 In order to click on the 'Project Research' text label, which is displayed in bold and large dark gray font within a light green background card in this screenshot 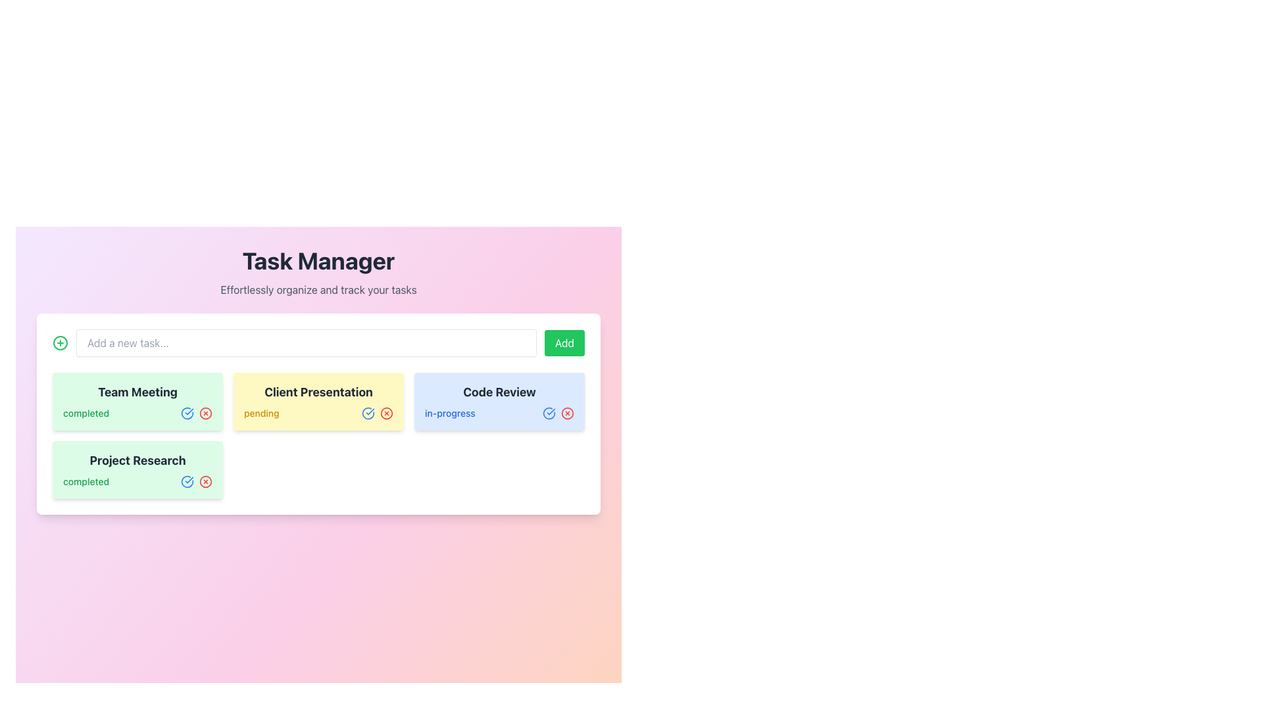, I will do `click(137, 460)`.